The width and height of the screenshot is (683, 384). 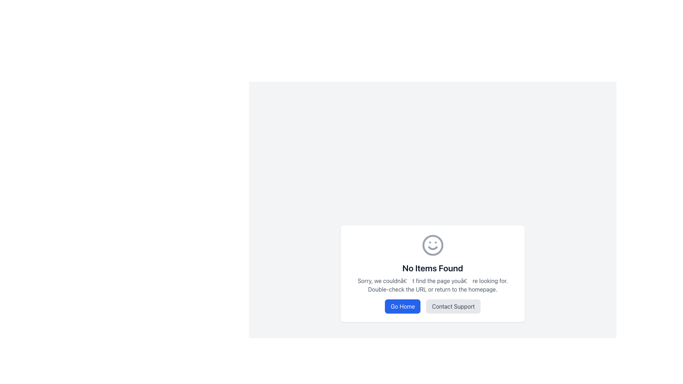 What do you see at coordinates (432, 245) in the screenshot?
I see `the circular smiley face icon rendered in light gray color, positioned at the top center of the message card displaying 'No Items Found'` at bounding box center [432, 245].